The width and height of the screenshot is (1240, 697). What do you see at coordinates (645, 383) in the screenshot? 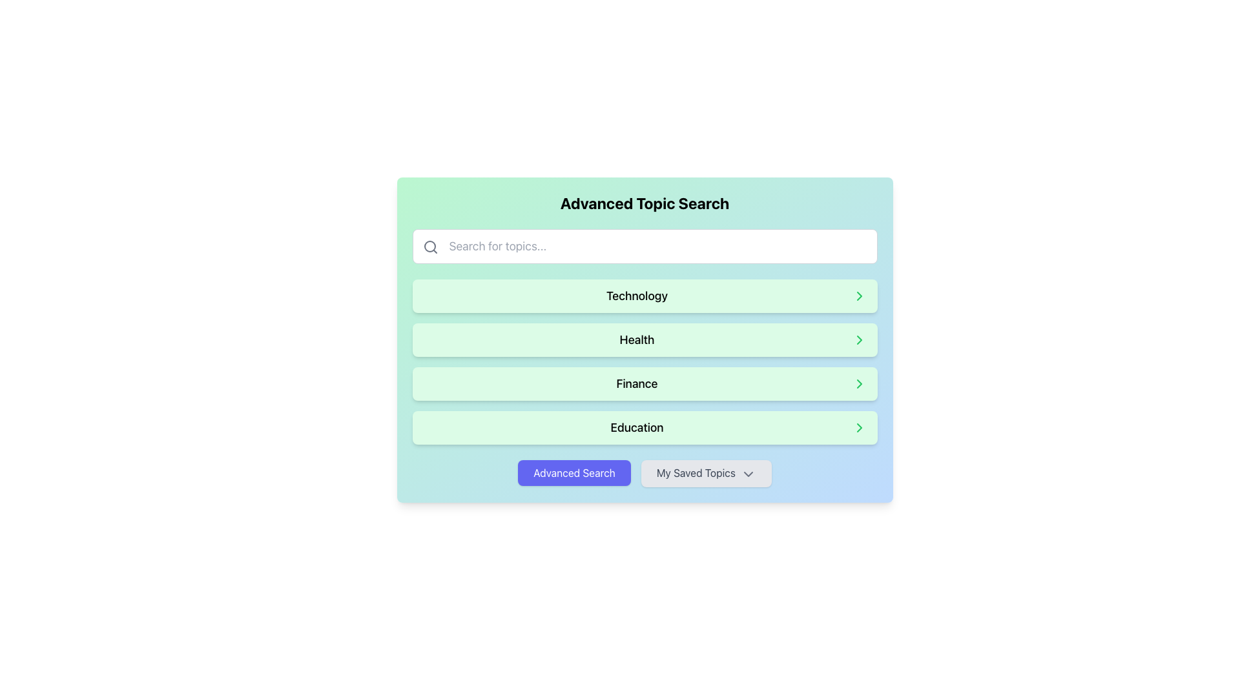
I see `the 'Finance' button located under the 'Advanced Topic Search' section` at bounding box center [645, 383].